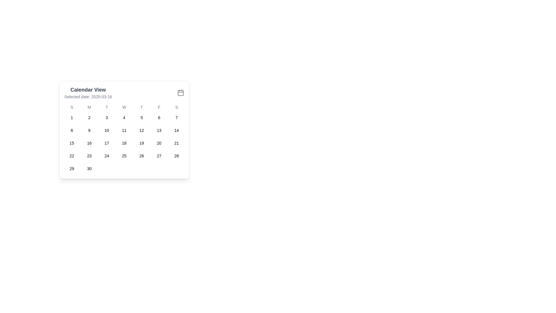  I want to click on the Calendar Day Cell representing the 14th day of the month, located under the 'Saturday' column in the third row of the calendar view, so click(176, 130).